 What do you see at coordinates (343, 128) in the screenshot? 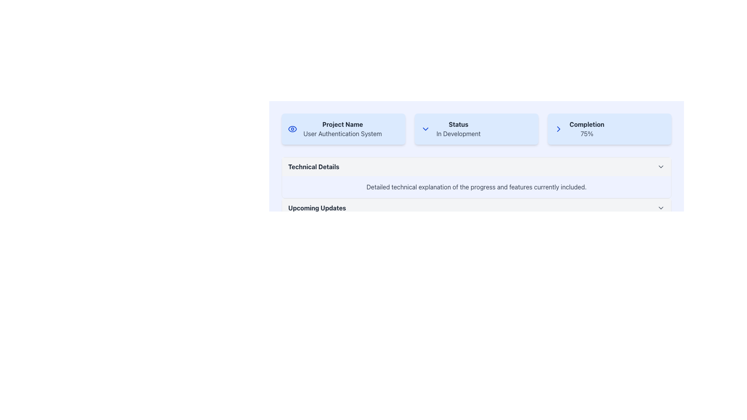
I see `title and description from the Information Card displaying the overview of the 'User Authentication System' project, which is the first card in a row of three similar cards` at bounding box center [343, 128].